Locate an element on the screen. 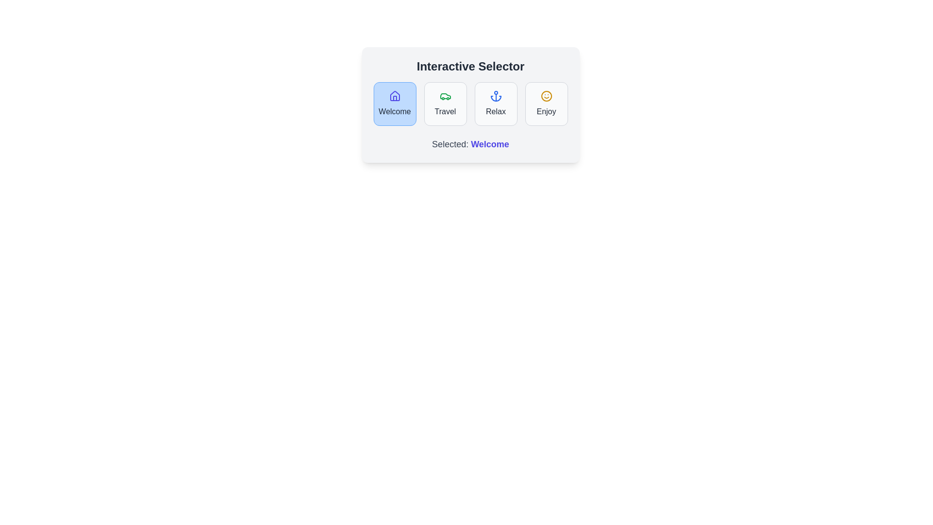 The image size is (933, 525). the anchor icon representing the 'Relax' option, located above the text label 'Relax' is located at coordinates (496, 96).